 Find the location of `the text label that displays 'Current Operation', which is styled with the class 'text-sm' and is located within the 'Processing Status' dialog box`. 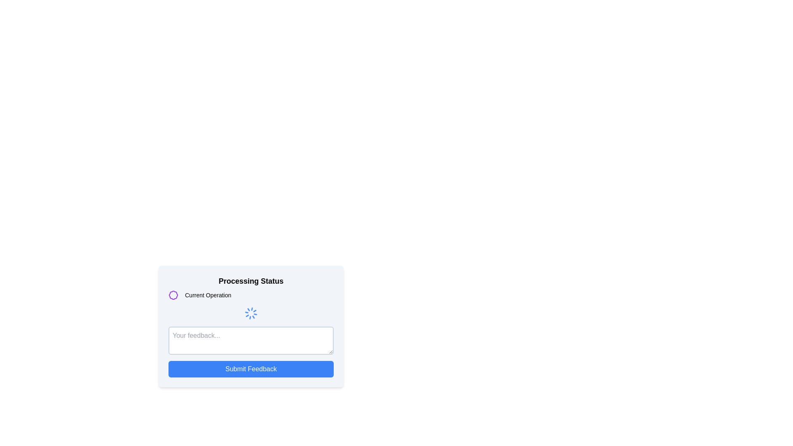

the text label that displays 'Current Operation', which is styled with the class 'text-sm' and is located within the 'Processing Status' dialog box is located at coordinates (208, 294).